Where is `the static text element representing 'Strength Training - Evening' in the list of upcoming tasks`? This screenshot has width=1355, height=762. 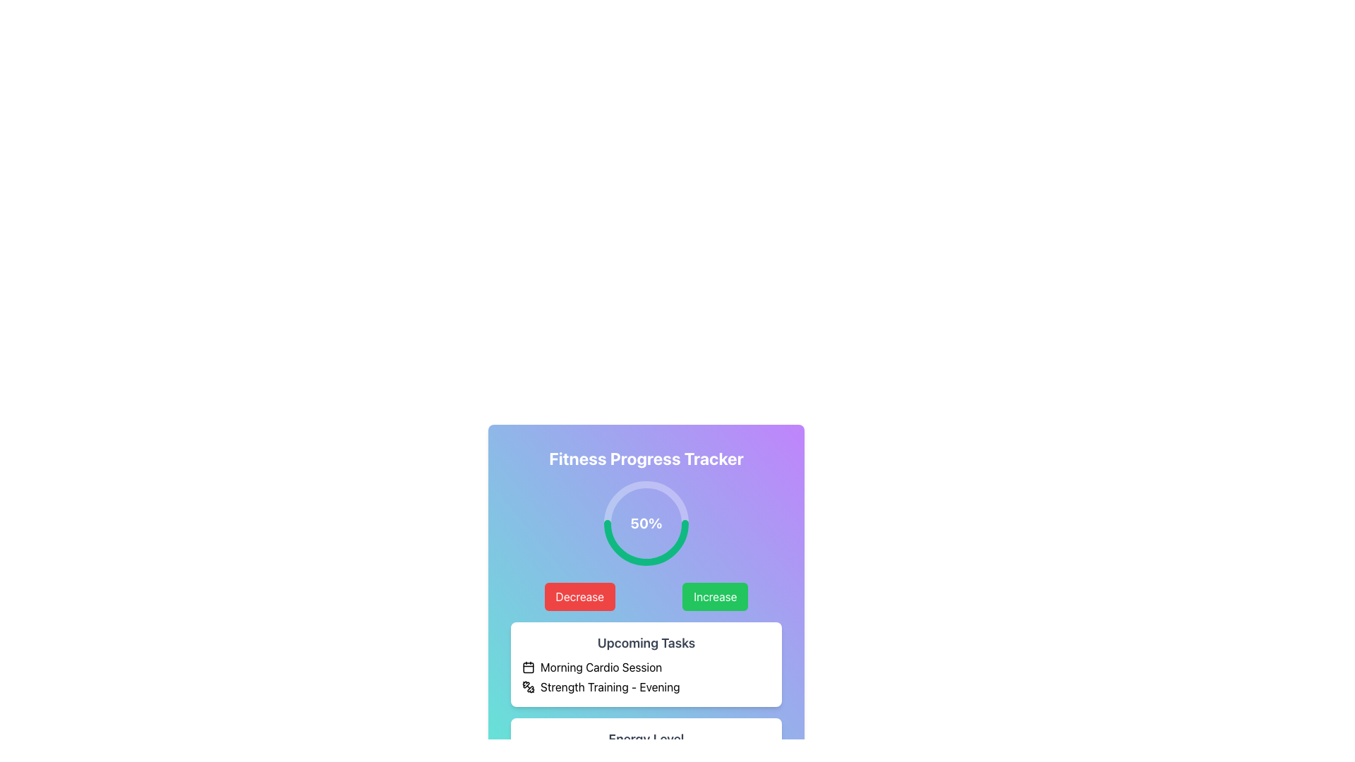
the static text element representing 'Strength Training - Evening' in the list of upcoming tasks is located at coordinates (646, 687).